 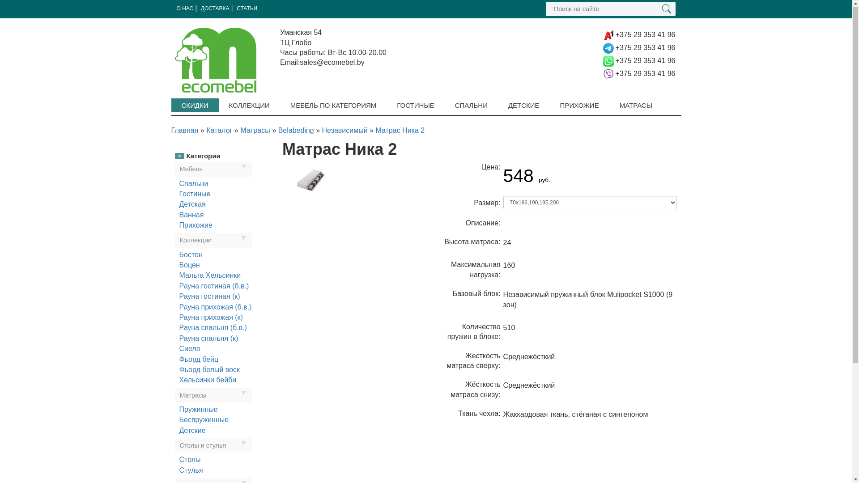 What do you see at coordinates (296, 131) in the screenshot?
I see `'Belabeding'` at bounding box center [296, 131].